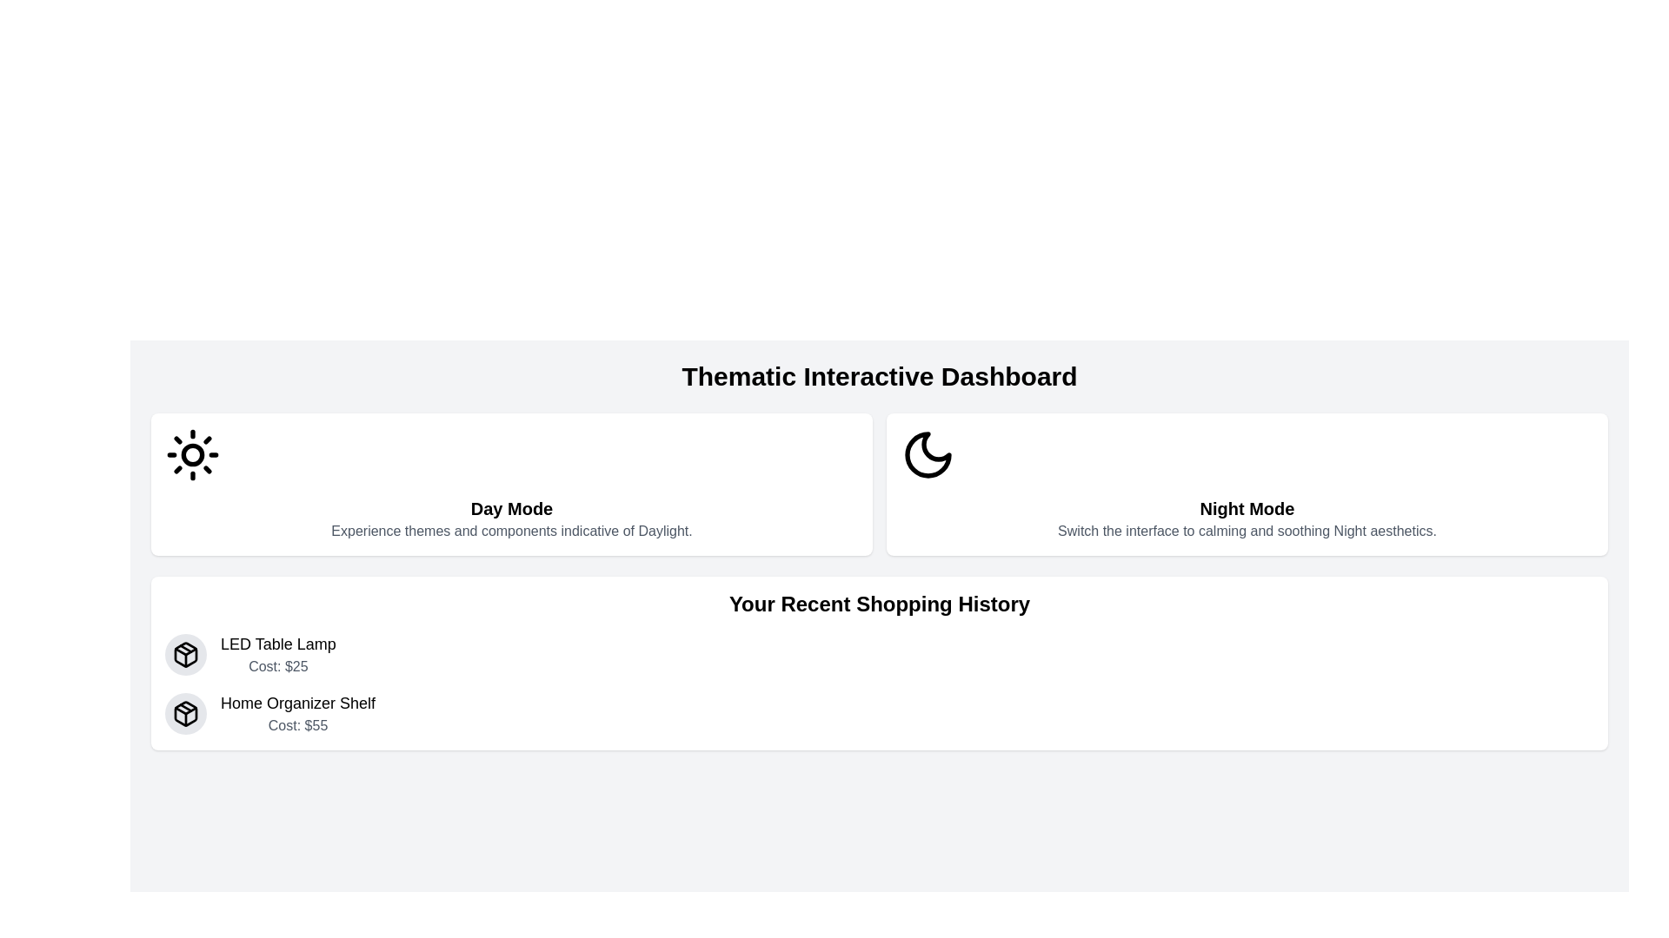 The image size is (1669, 938). I want to click on the text label displaying the title 'LED Table Lamp' in the shopping history list, so click(278, 644).